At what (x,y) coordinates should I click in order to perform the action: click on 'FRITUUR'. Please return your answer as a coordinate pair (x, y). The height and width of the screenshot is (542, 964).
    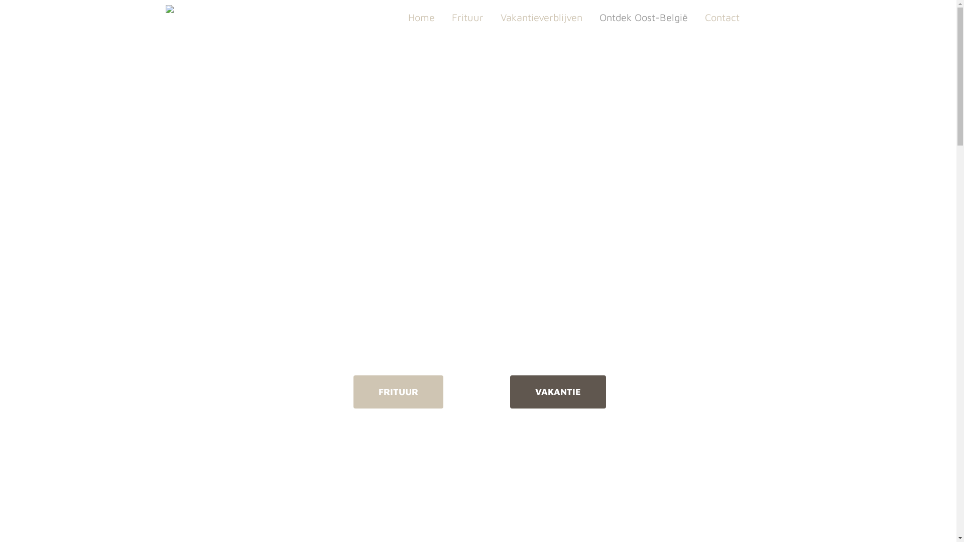
    Looking at the image, I should click on (398, 391).